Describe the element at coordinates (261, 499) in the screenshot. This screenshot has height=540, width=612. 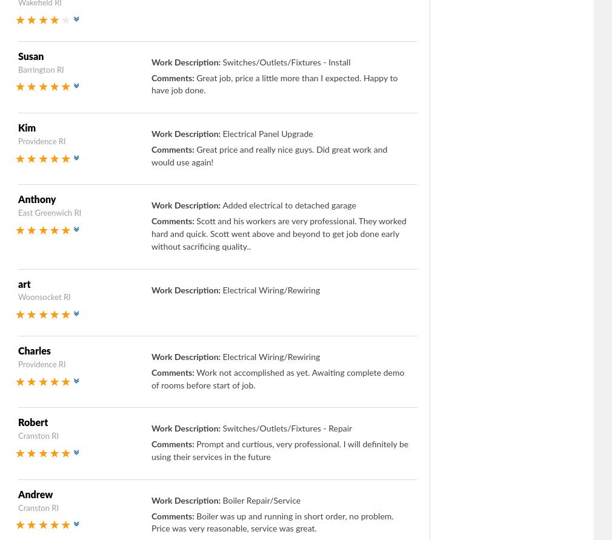
I see `'Boiler Repair/Service'` at that location.